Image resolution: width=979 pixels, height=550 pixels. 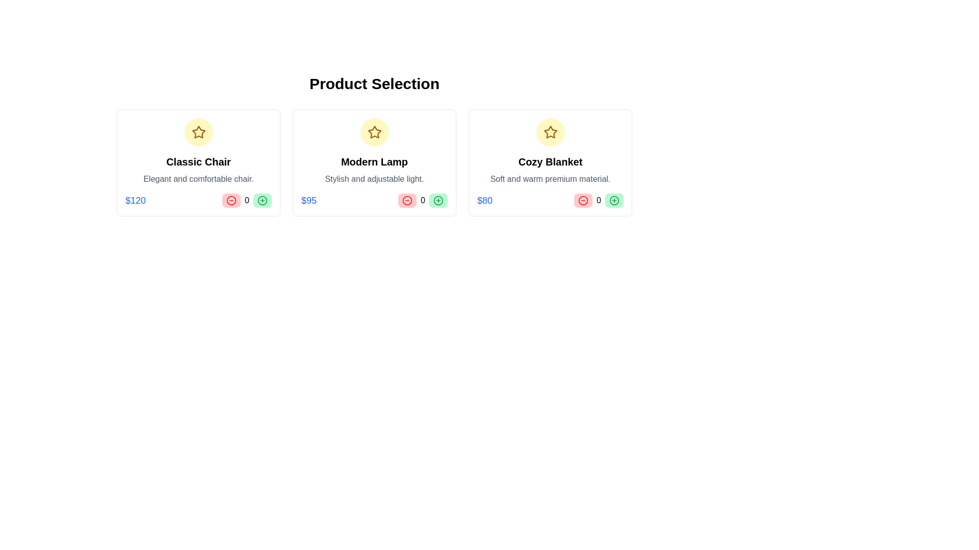 I want to click on the 'Decrease Quantity' button located at the bottom section of the 'Classic Chair' product card to decrement the quantity, so click(x=231, y=200).